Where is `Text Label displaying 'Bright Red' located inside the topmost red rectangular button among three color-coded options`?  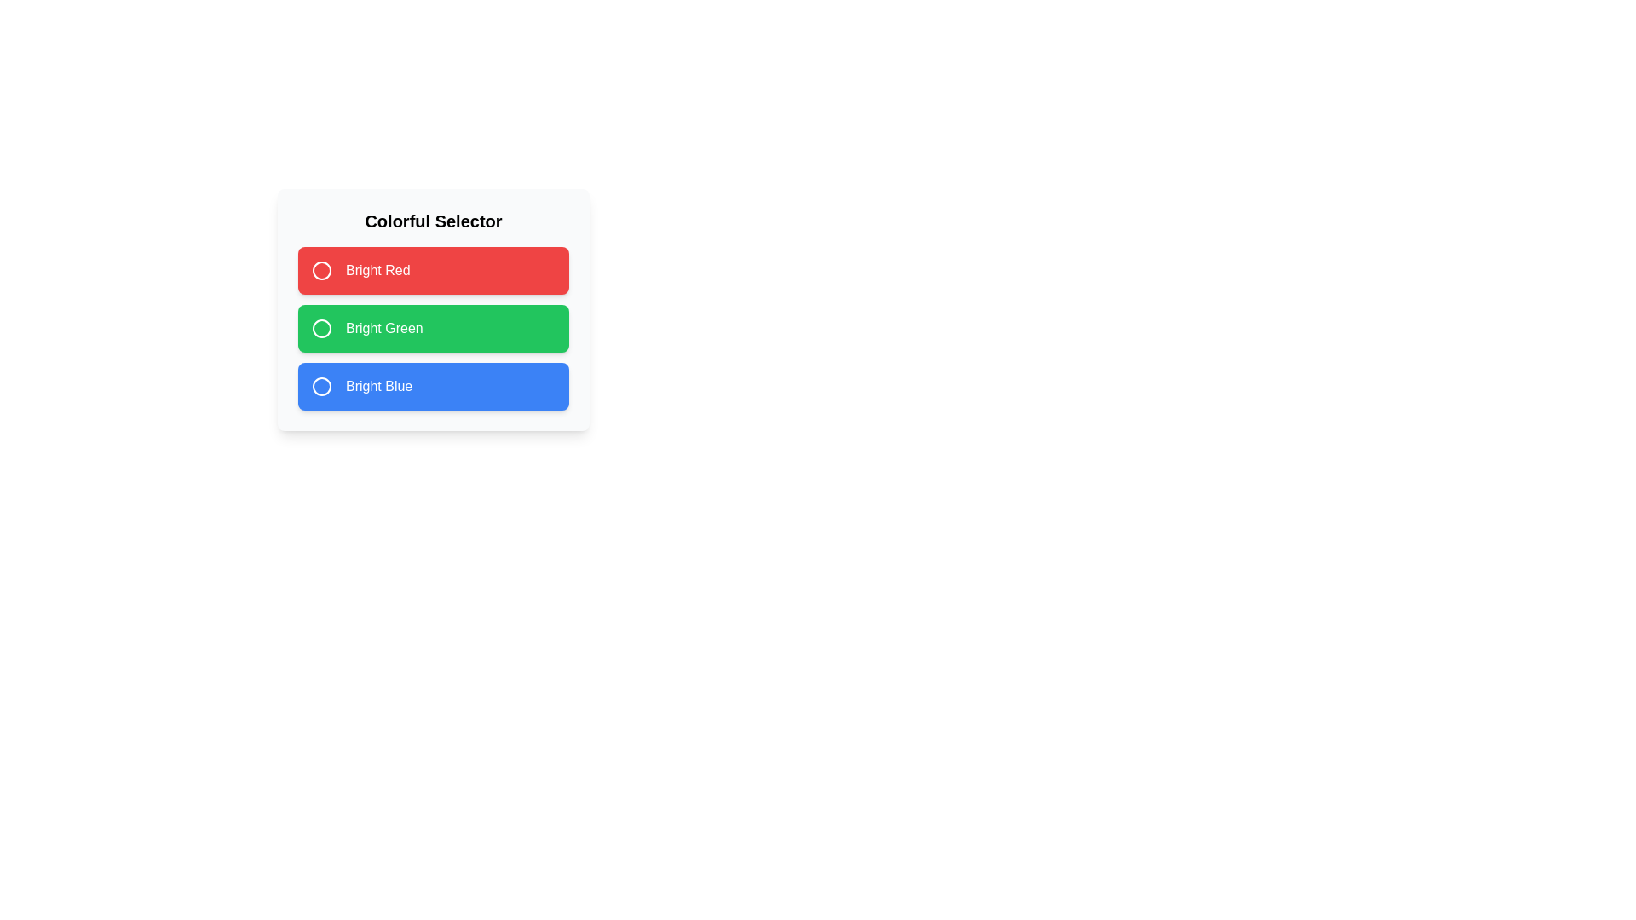
Text Label displaying 'Bright Red' located inside the topmost red rectangular button among three color-coded options is located at coordinates (377, 269).